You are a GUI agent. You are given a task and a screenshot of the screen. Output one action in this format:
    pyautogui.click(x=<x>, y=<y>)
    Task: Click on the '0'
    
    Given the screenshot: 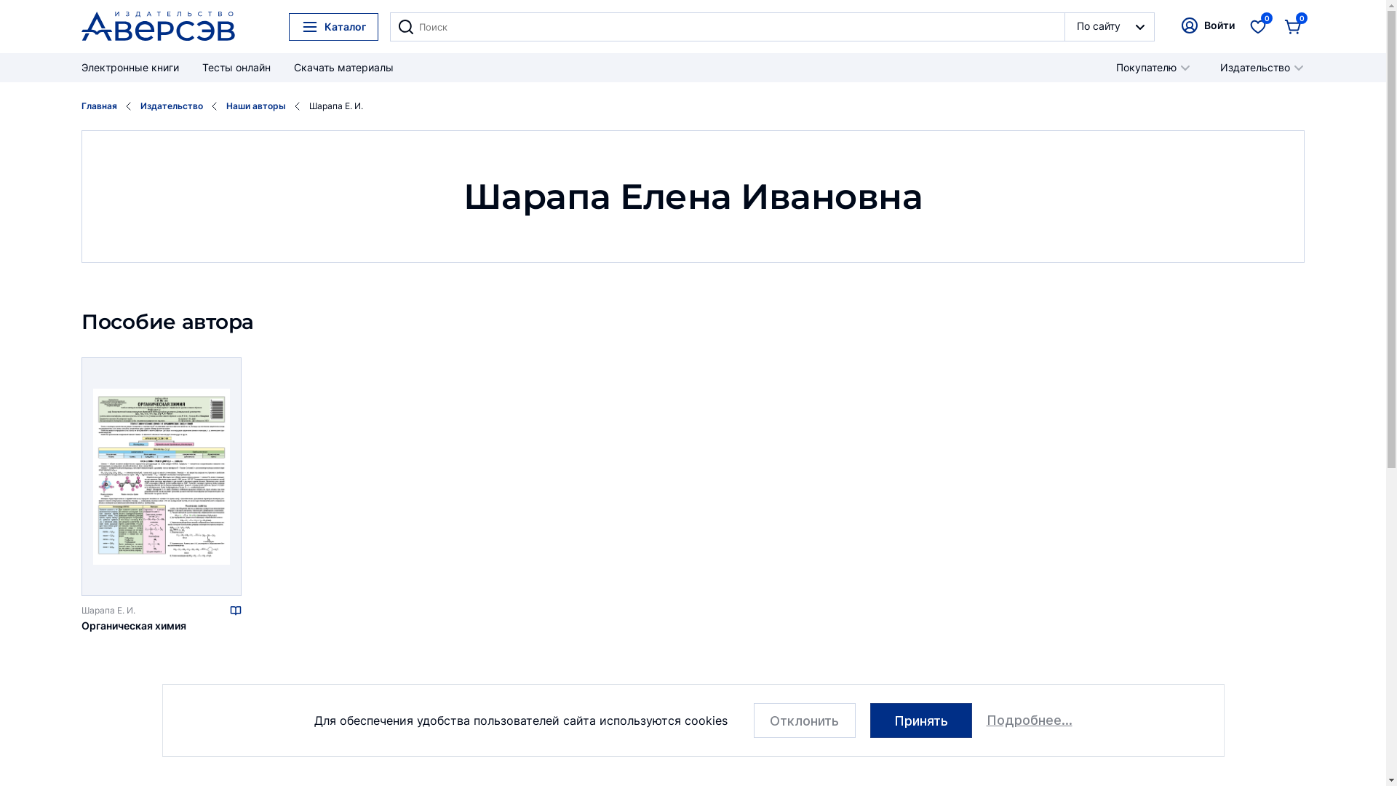 What is the action you would take?
    pyautogui.click(x=1257, y=25)
    